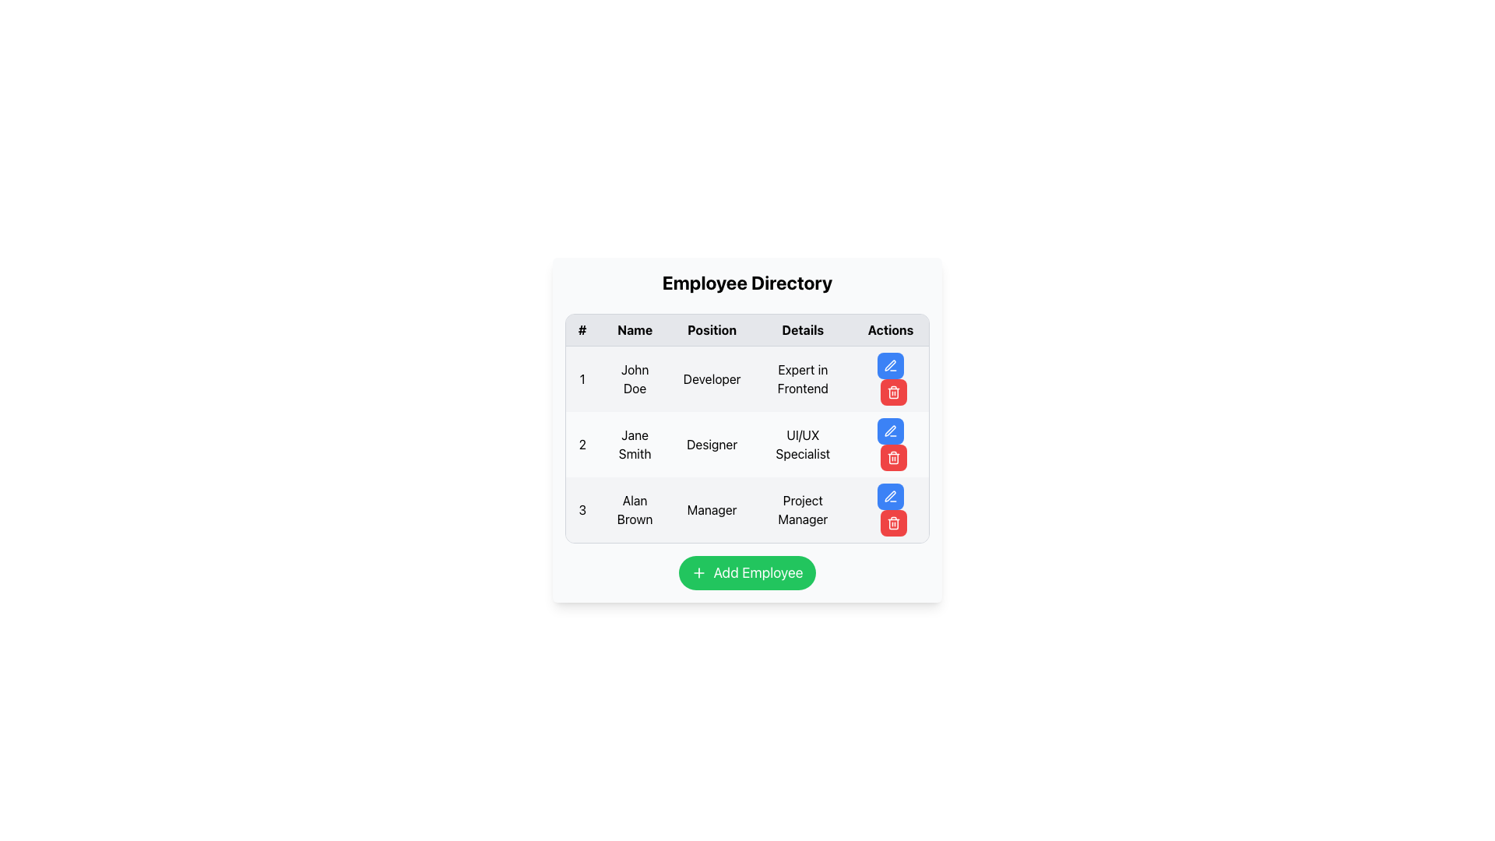  I want to click on the 'Manager' label displayed in bold sans-serif font located in the third row under the 'Position' column of the table for 'Alan Brown', so click(711, 510).